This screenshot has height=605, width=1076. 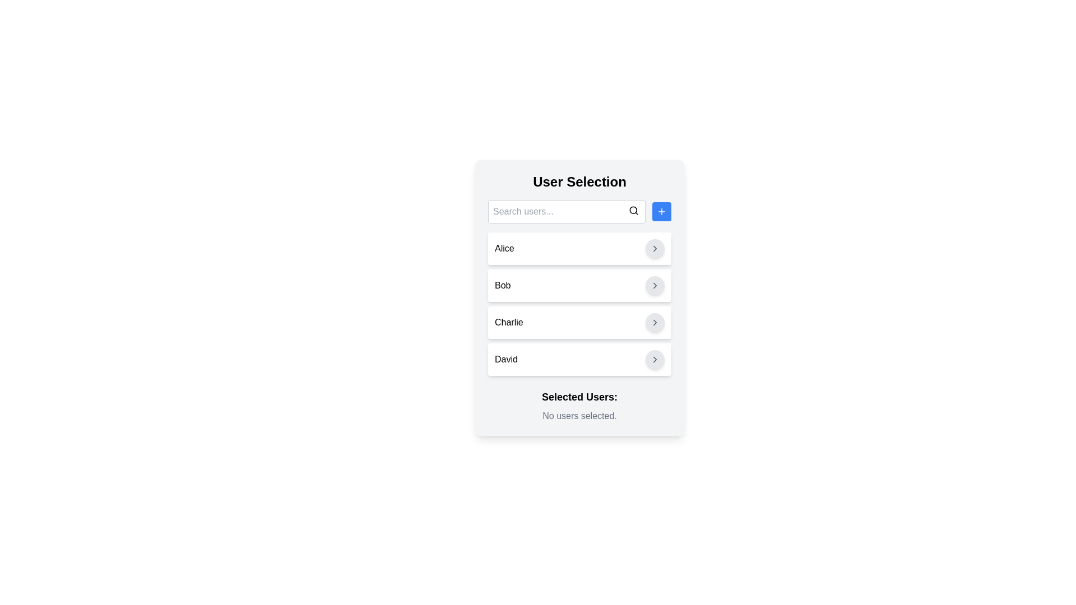 What do you see at coordinates (579, 285) in the screenshot?
I see `the user labeled 'Bob' in the 'User Selection' section` at bounding box center [579, 285].